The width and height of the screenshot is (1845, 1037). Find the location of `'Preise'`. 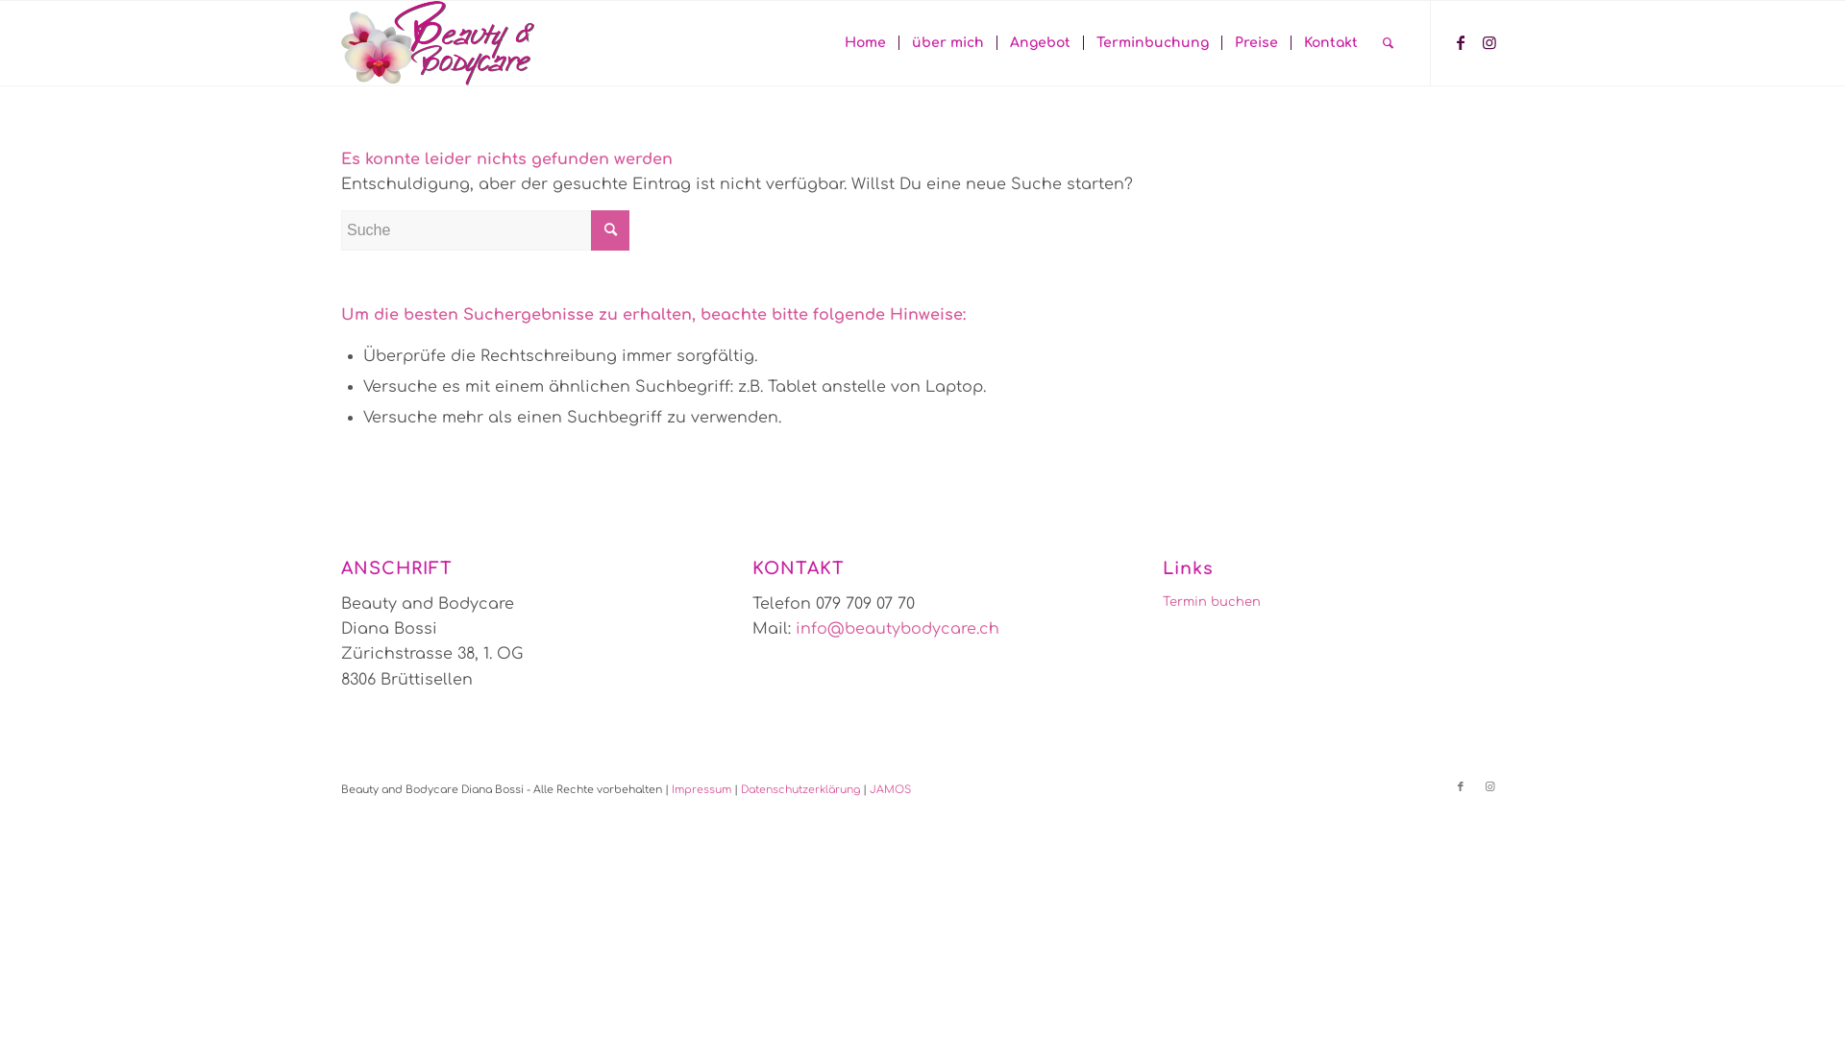

'Preise' is located at coordinates (1255, 43).